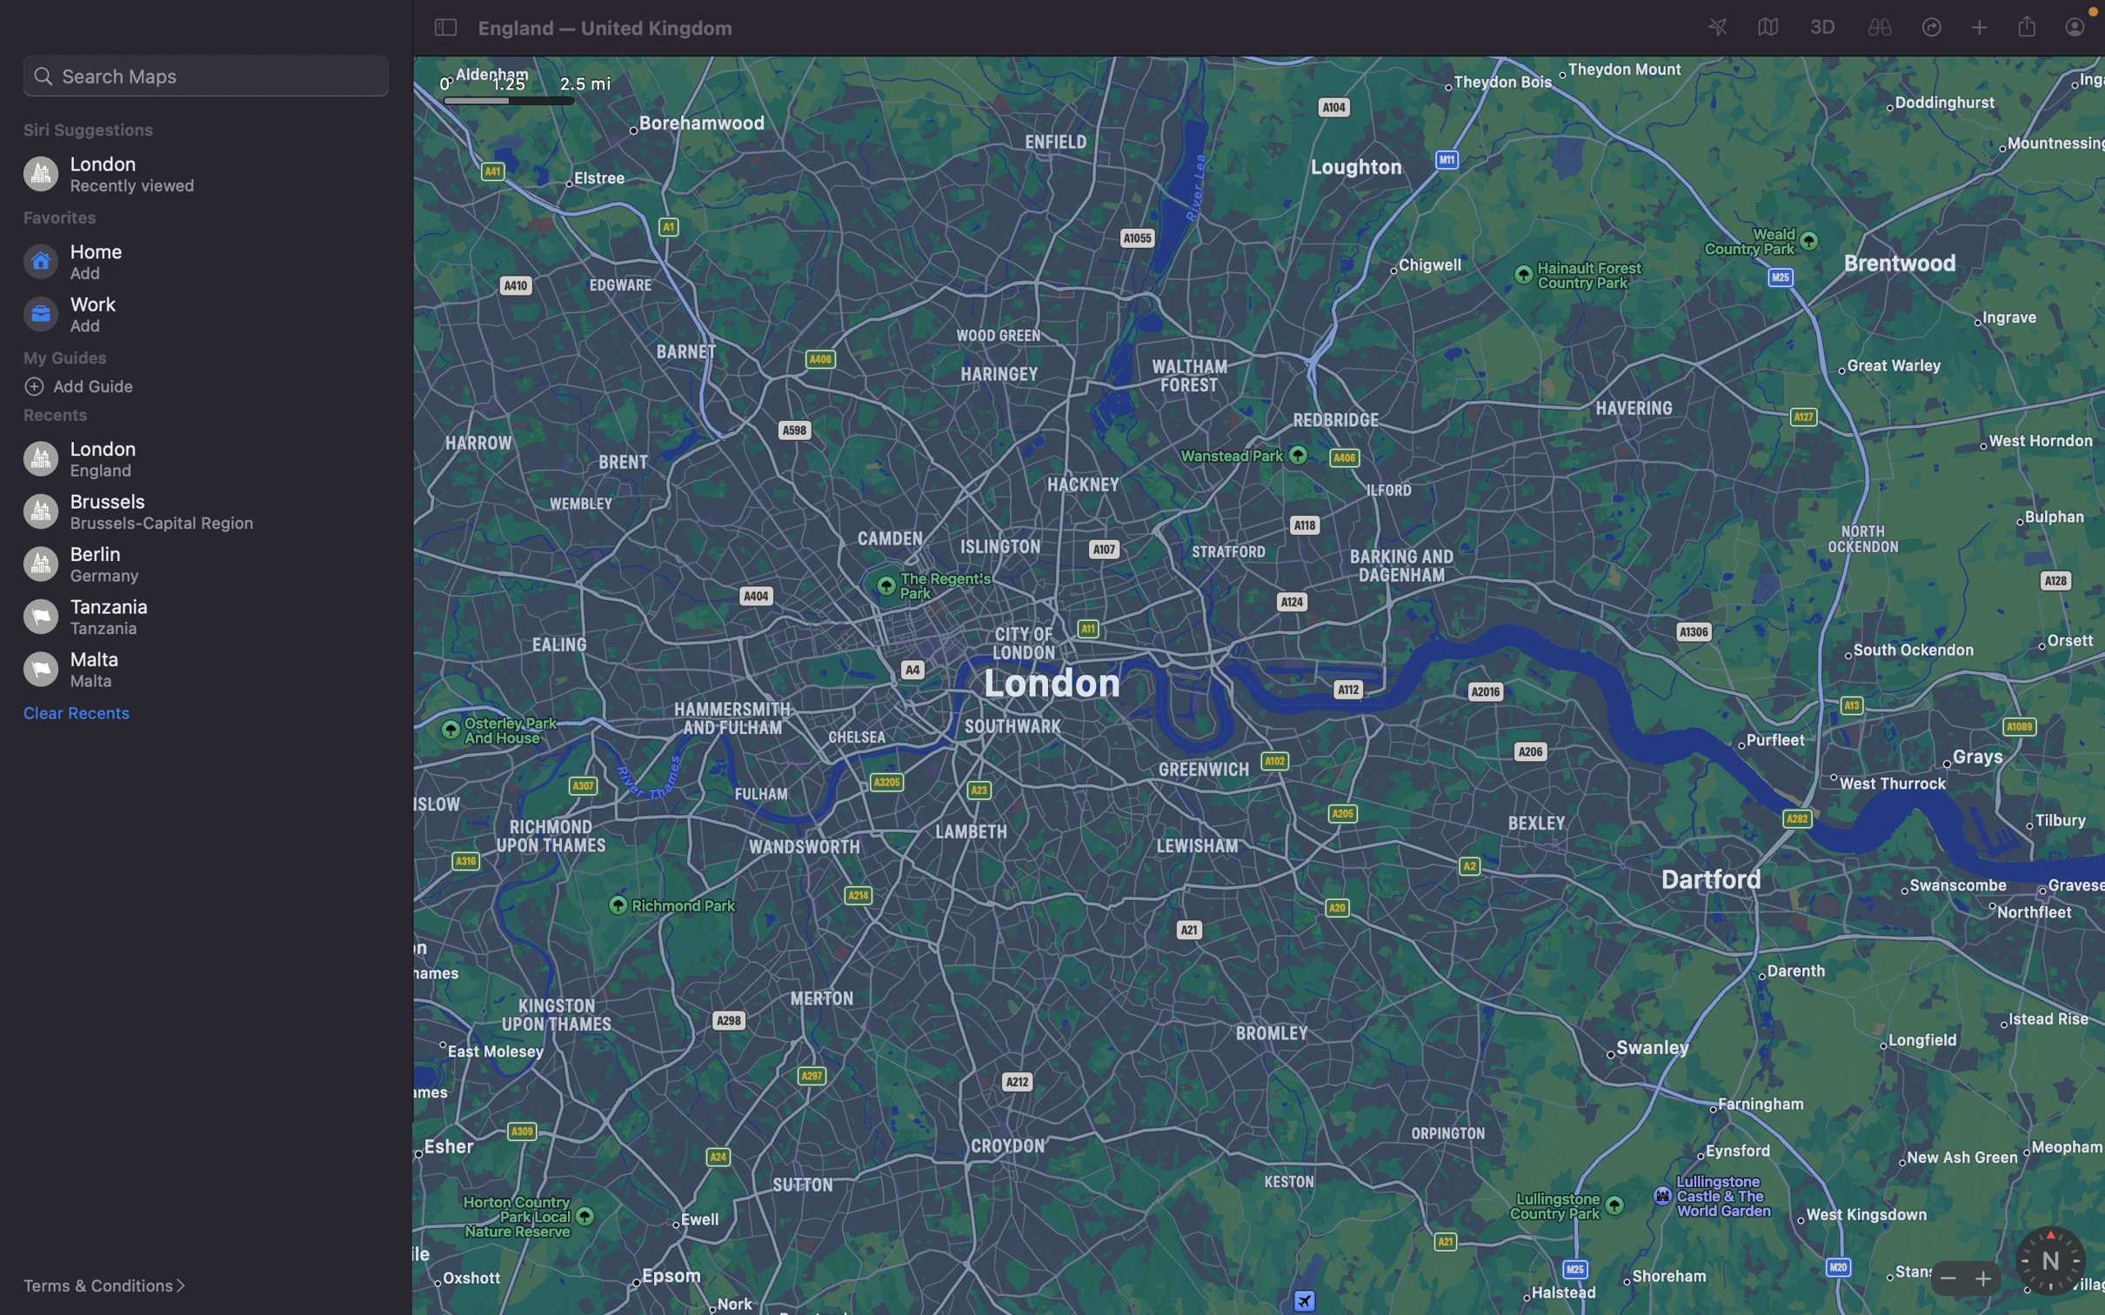  Describe the element at coordinates (1946, 1277) in the screenshot. I see `Minimize the map view` at that location.